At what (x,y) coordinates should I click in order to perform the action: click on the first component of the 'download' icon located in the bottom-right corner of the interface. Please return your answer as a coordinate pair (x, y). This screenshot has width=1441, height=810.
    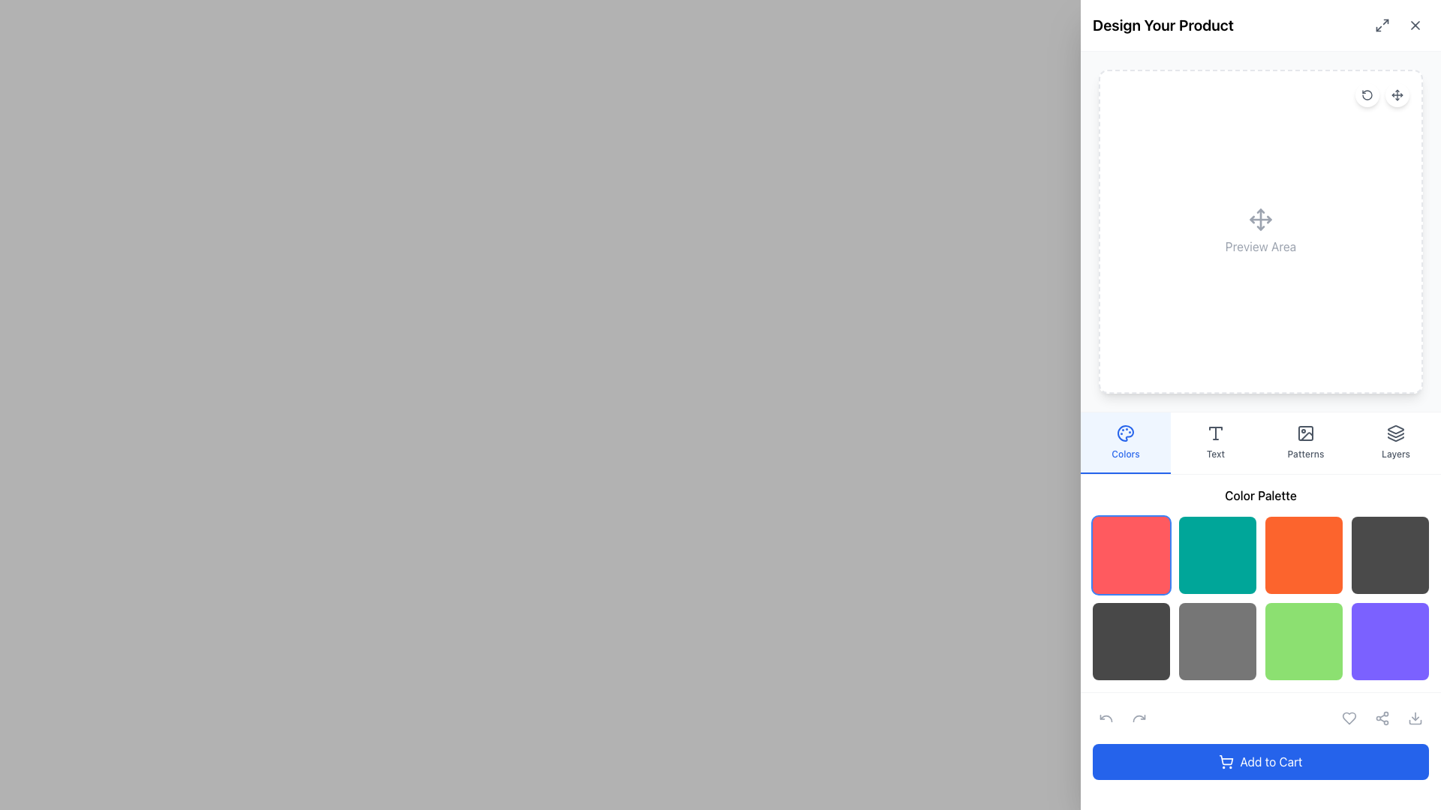
    Looking at the image, I should click on (1415, 721).